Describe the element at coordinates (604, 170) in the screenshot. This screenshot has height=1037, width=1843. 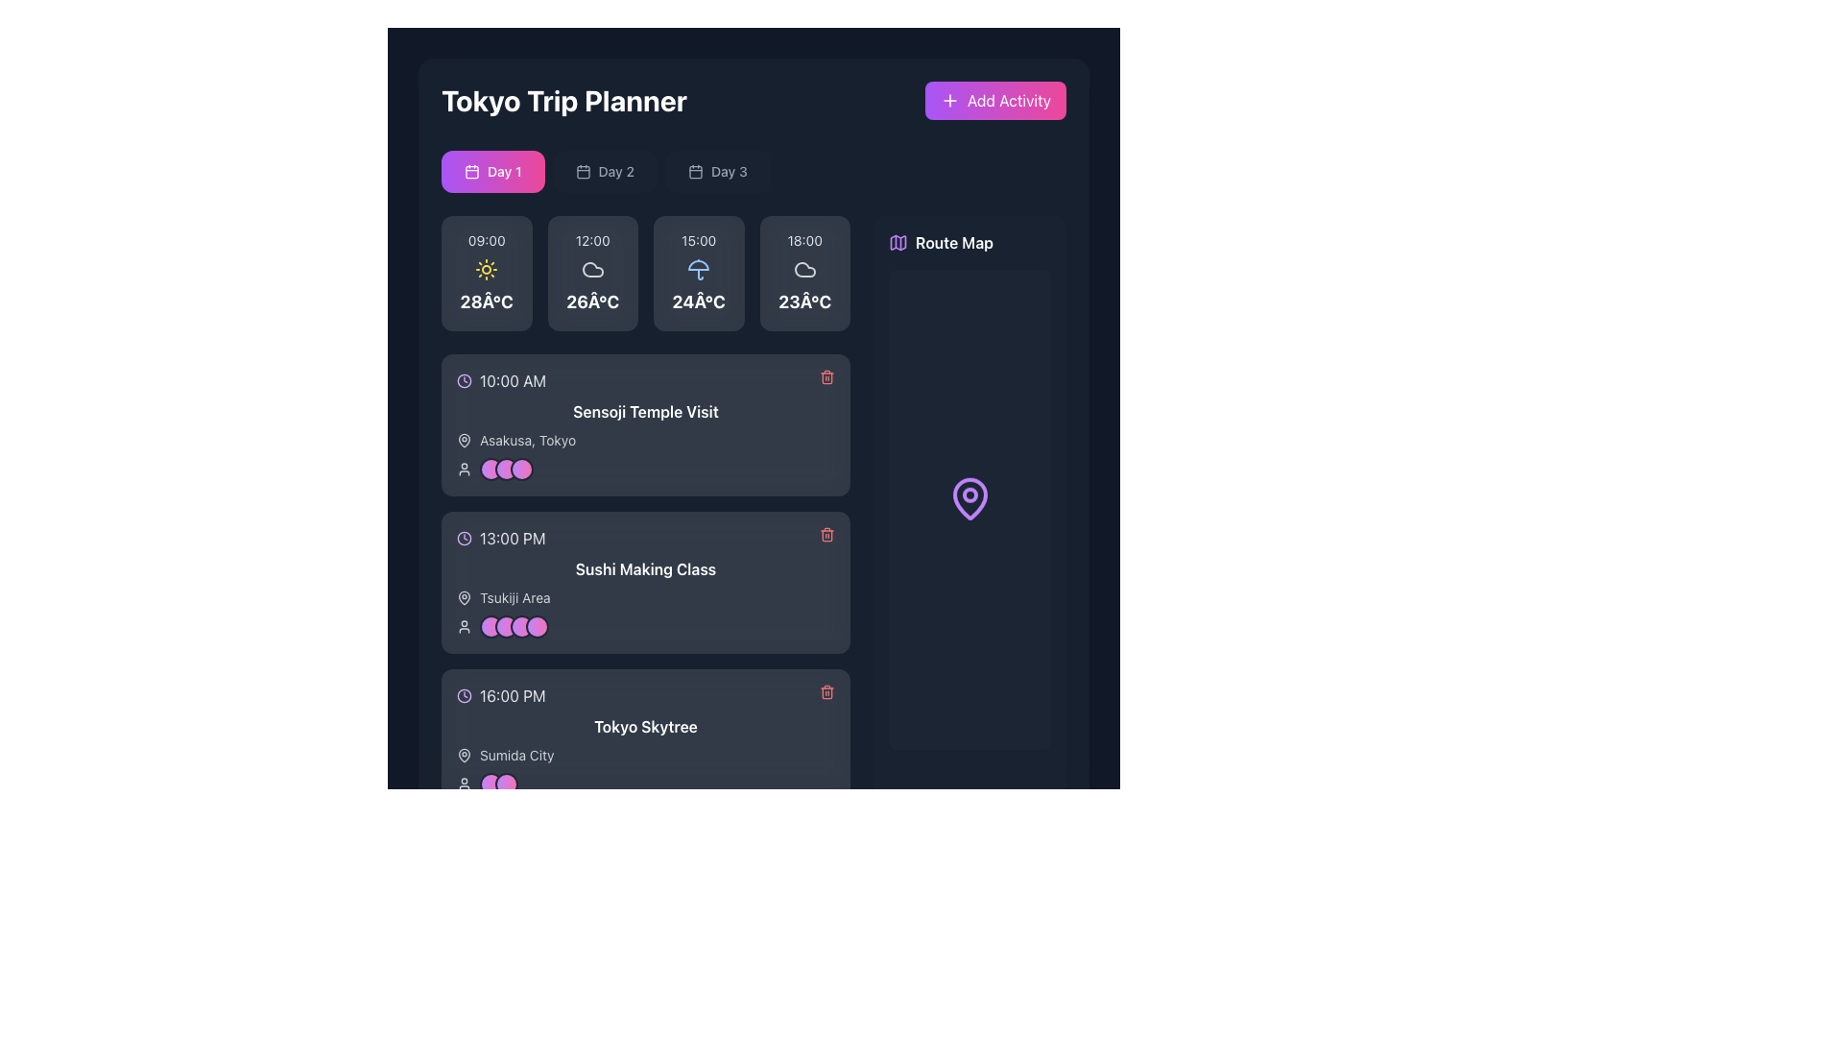
I see `the 'Day 2' button, which is the second tab-like button with a calendar icon` at that location.